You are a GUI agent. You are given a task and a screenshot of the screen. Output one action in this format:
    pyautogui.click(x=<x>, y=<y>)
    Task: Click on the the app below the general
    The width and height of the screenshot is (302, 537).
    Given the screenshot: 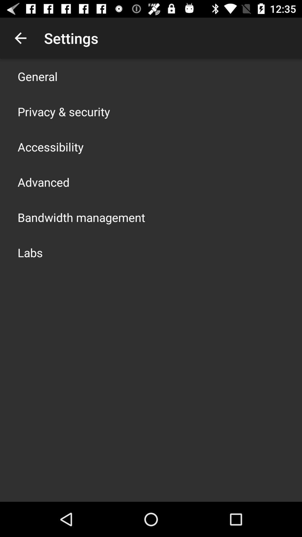 What is the action you would take?
    pyautogui.click(x=63, y=111)
    